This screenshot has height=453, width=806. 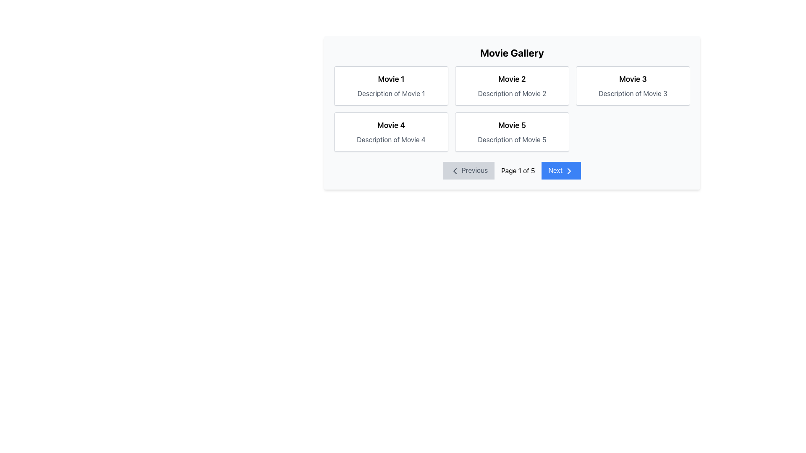 I want to click on the chevron icon indicating the forward navigation function of the 'Next' button located in the bottom navigation bar towards the right side, so click(x=569, y=170).